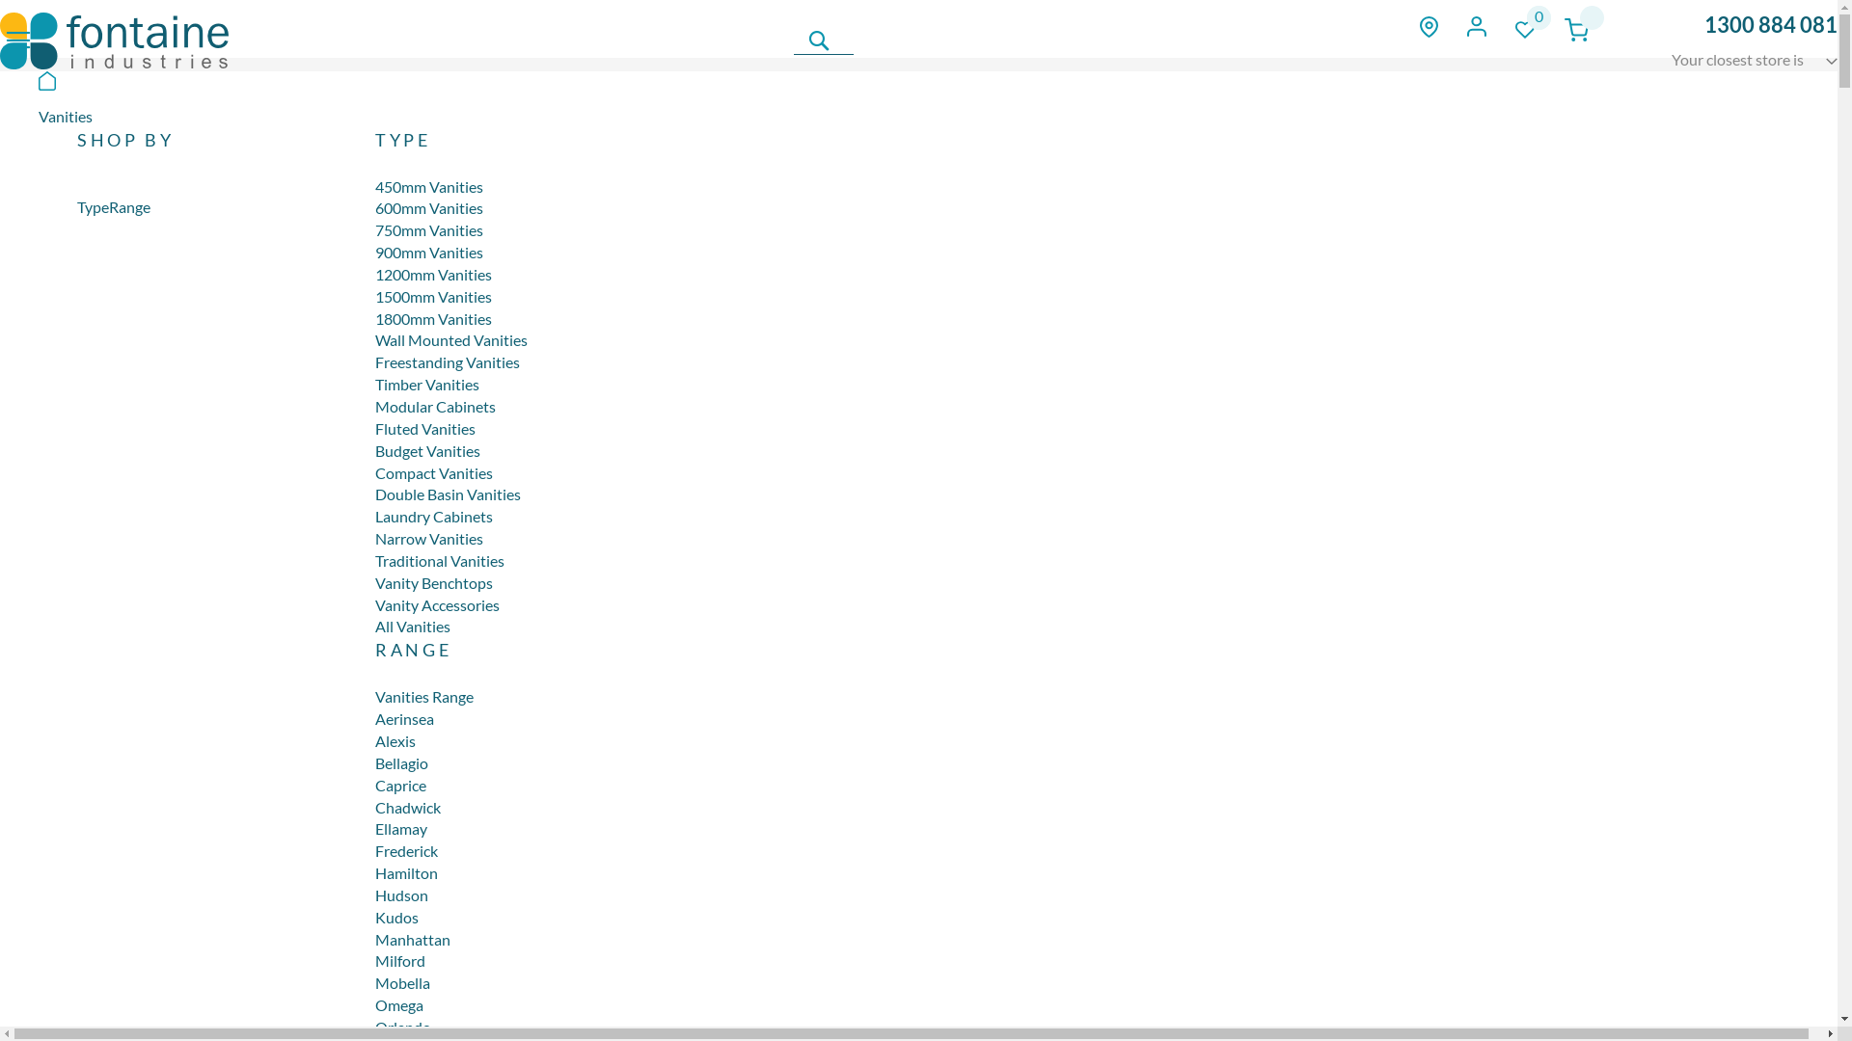 The width and height of the screenshot is (1852, 1041). What do you see at coordinates (428, 538) in the screenshot?
I see `'Narrow Vanities'` at bounding box center [428, 538].